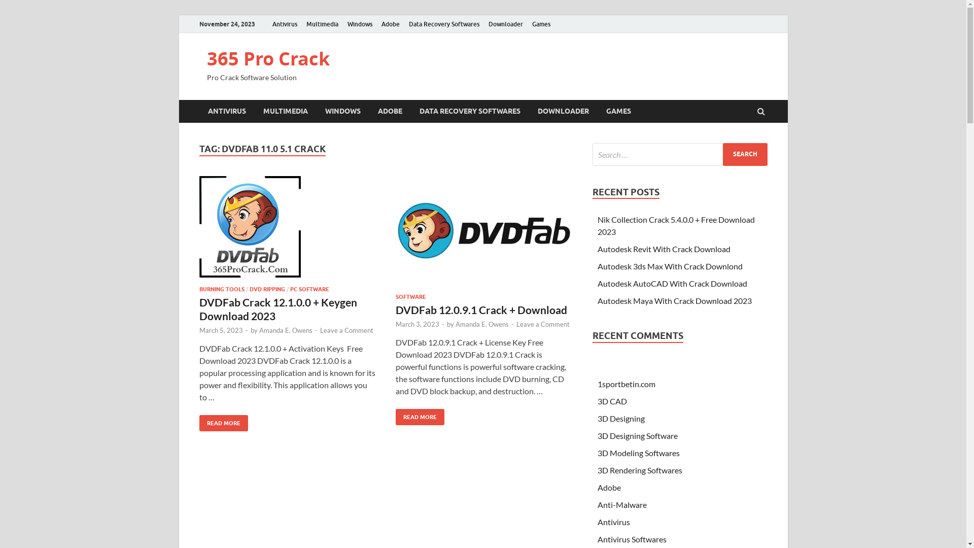 This screenshot has width=974, height=548. Describe the element at coordinates (289, 289) in the screenshot. I see `'PC SOFTWARE'` at that location.